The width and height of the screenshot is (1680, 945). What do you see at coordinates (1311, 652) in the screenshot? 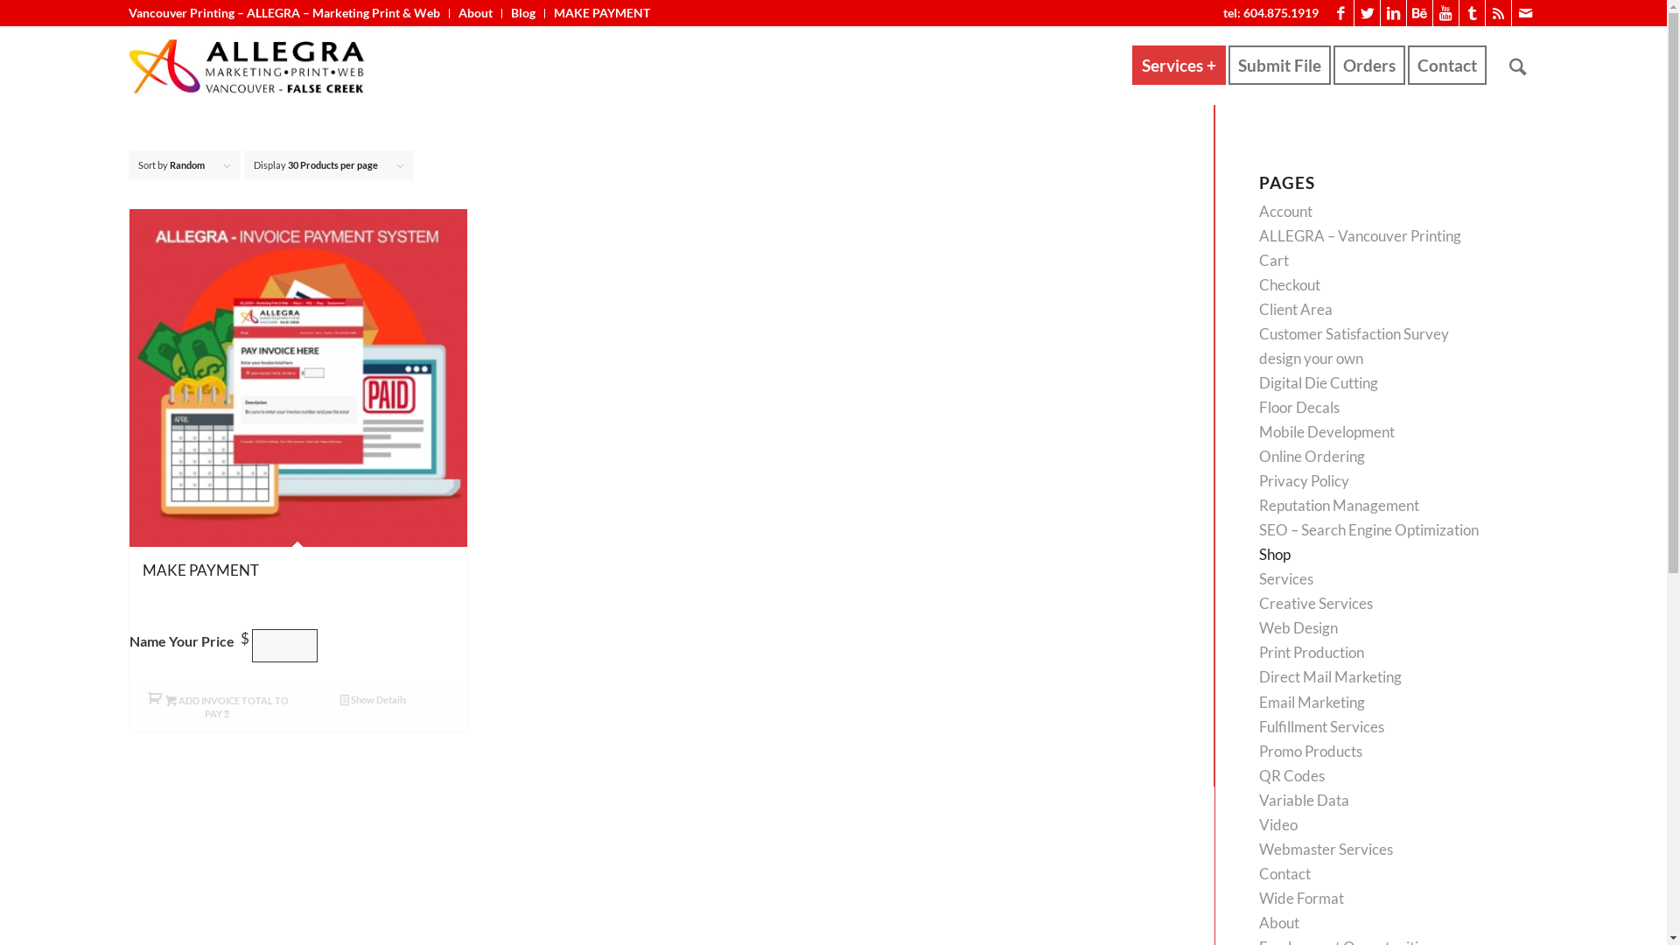
I see `'Print Production'` at bounding box center [1311, 652].